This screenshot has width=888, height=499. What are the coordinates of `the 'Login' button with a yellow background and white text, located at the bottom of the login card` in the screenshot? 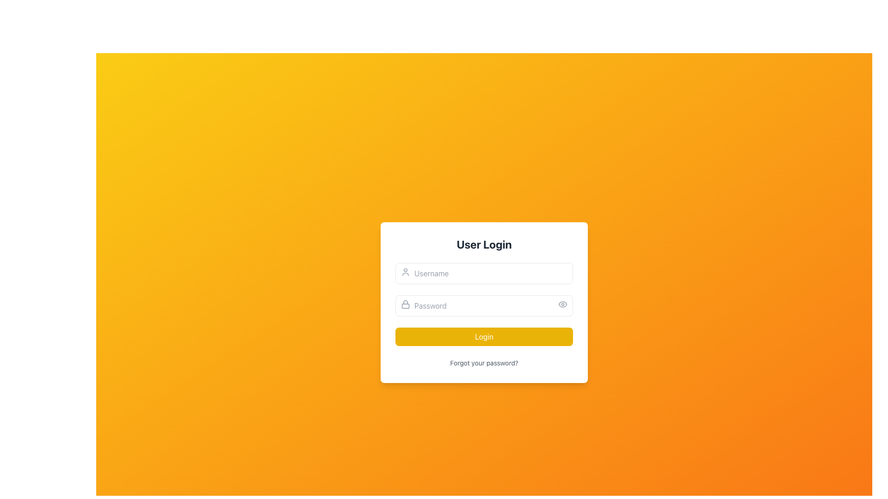 It's located at (483, 337).